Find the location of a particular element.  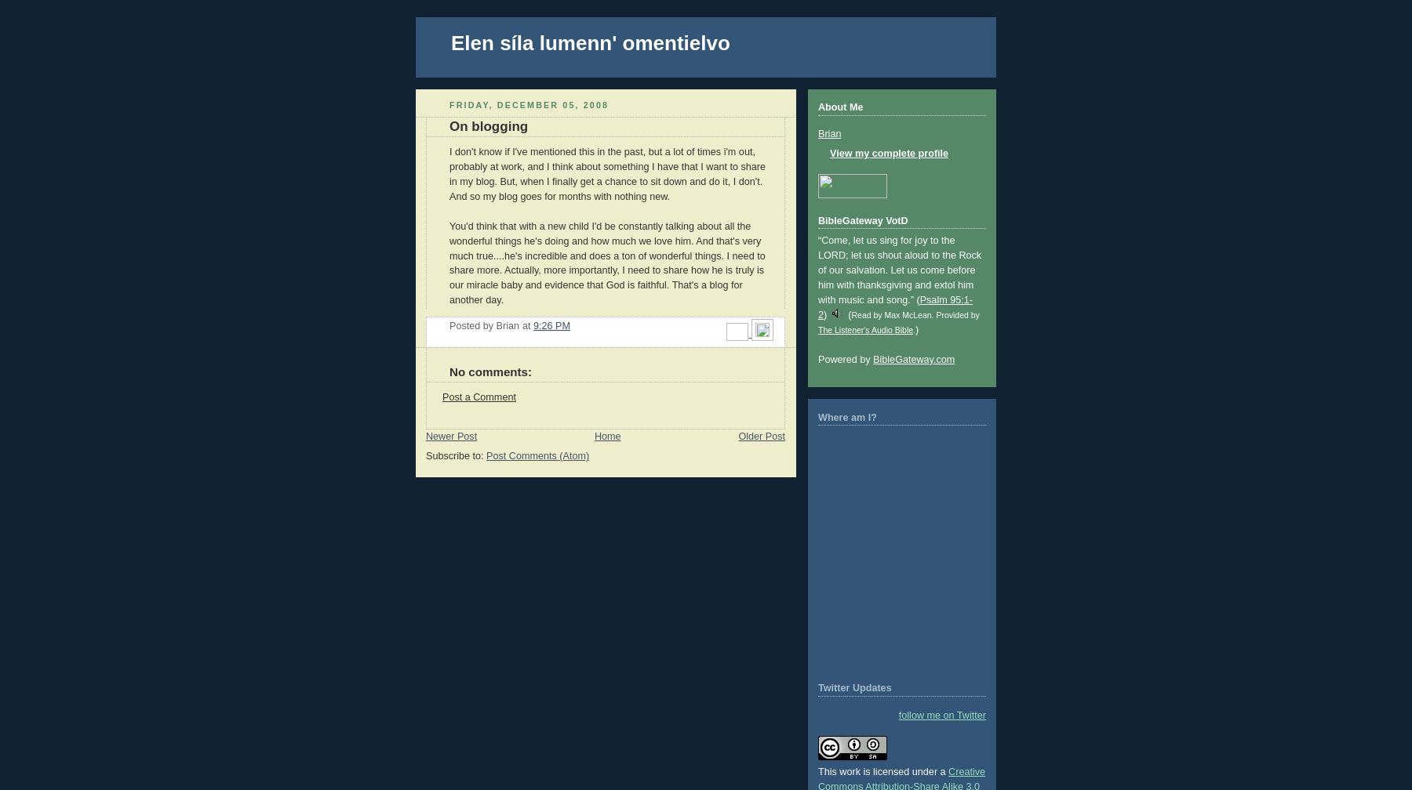

'follow me on Twitter' is located at coordinates (941, 716).